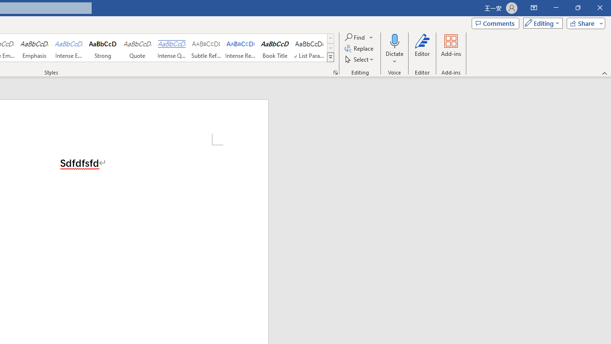 The image size is (611, 344). Describe the element at coordinates (394, 40) in the screenshot. I see `'Dictate'` at that location.